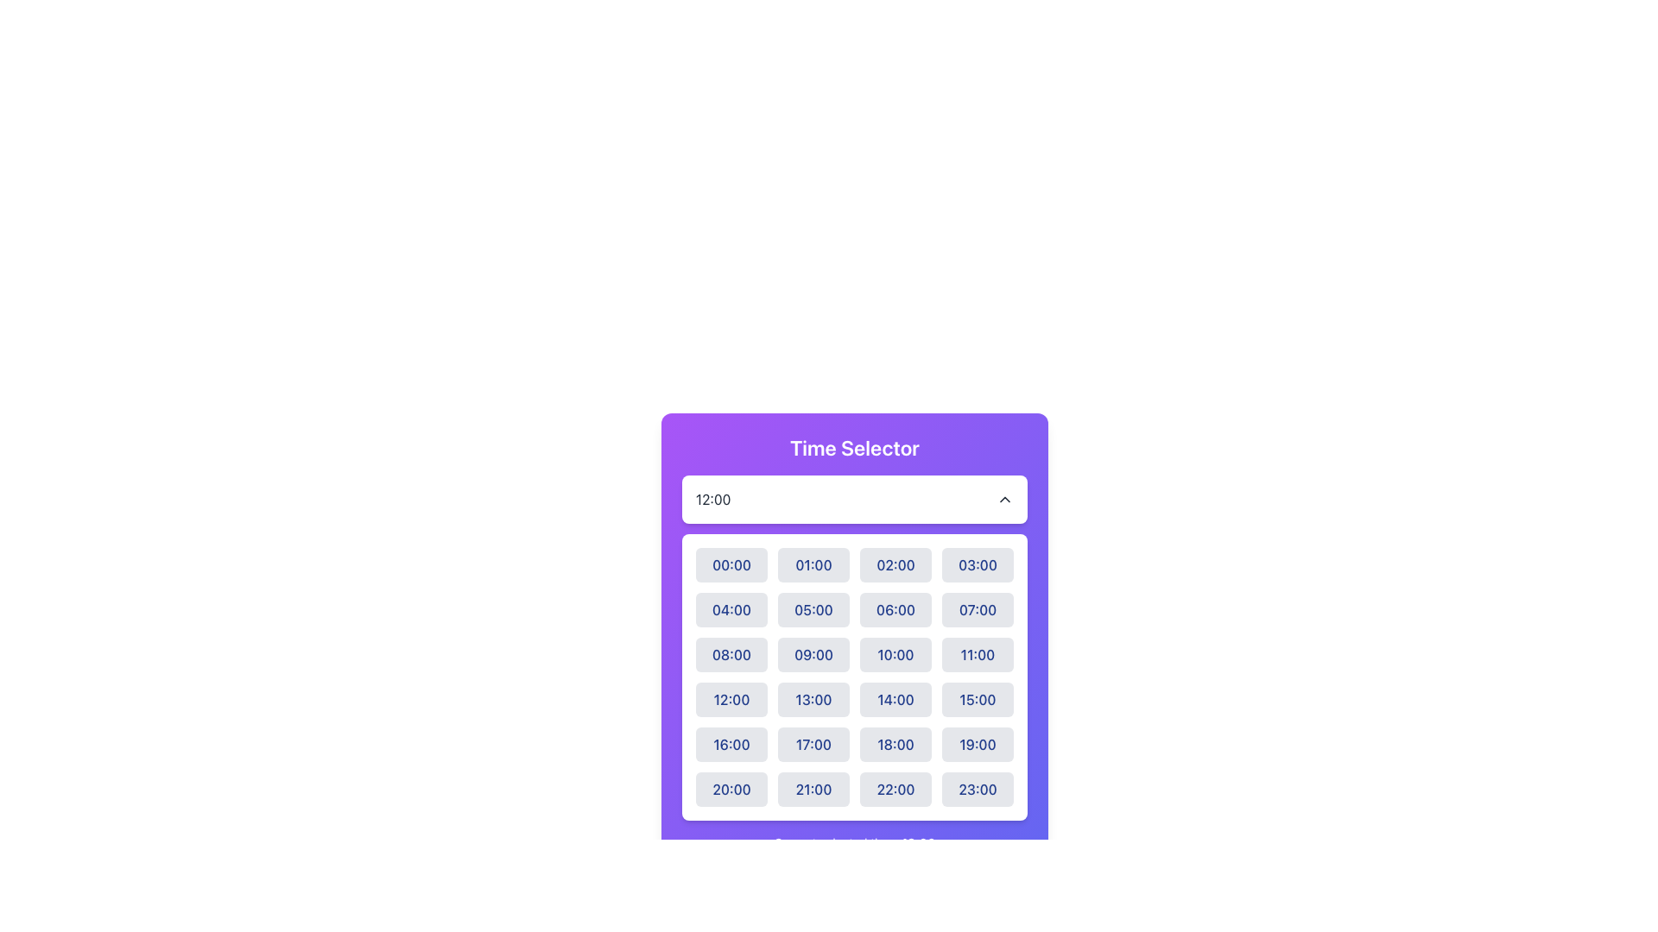 The image size is (1658, 932). Describe the element at coordinates (978, 608) in the screenshot. I see `the selectable time option button labeled '07:00'` at that location.